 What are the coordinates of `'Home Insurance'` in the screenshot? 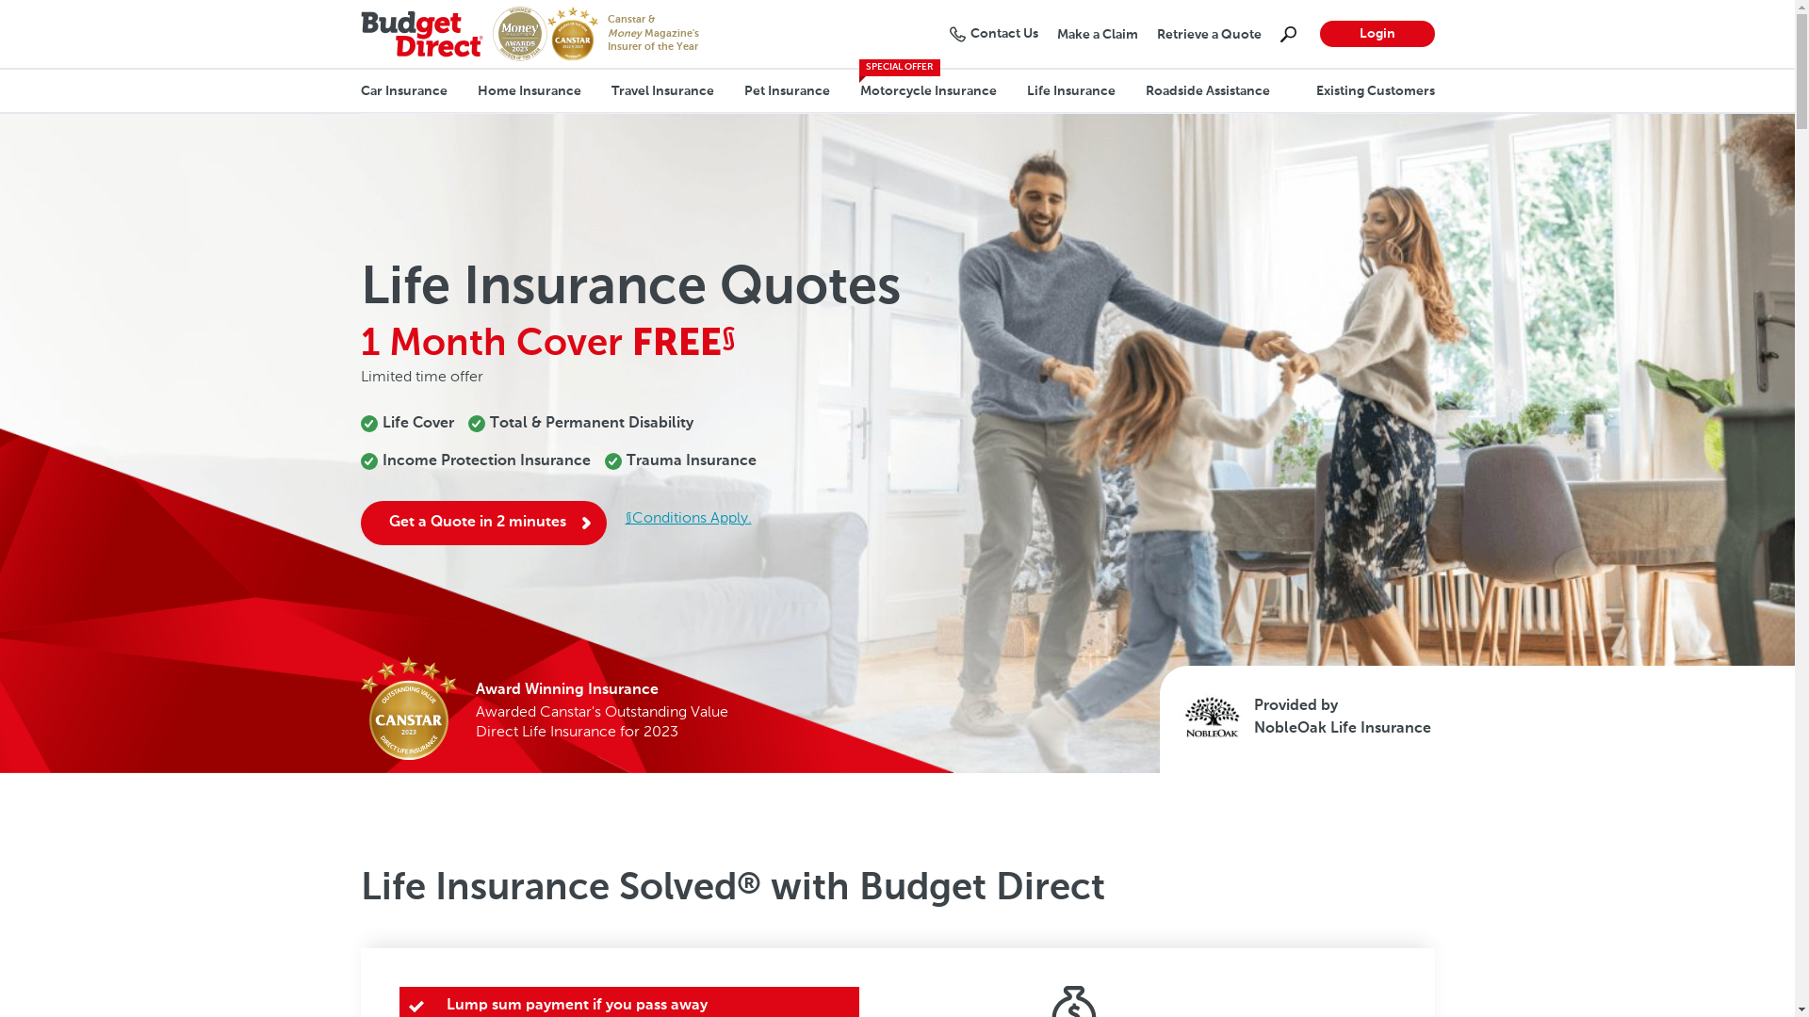 It's located at (528, 91).